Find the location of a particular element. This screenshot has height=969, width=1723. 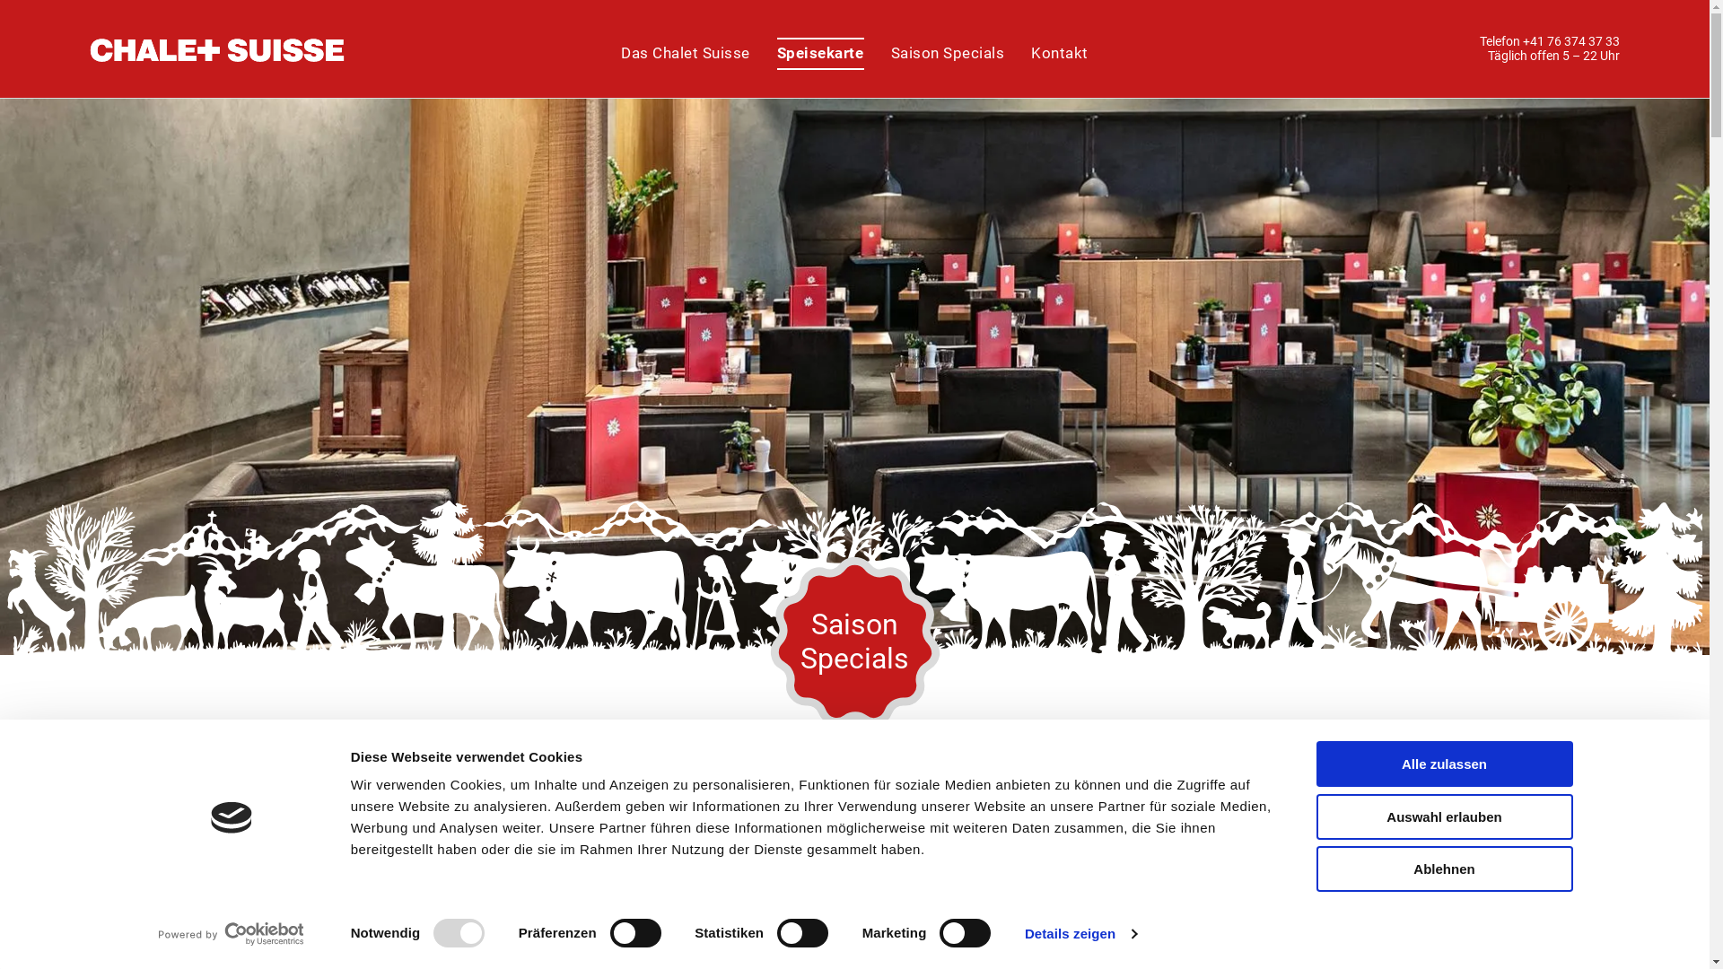

'Details zeigen' is located at coordinates (1080, 933).